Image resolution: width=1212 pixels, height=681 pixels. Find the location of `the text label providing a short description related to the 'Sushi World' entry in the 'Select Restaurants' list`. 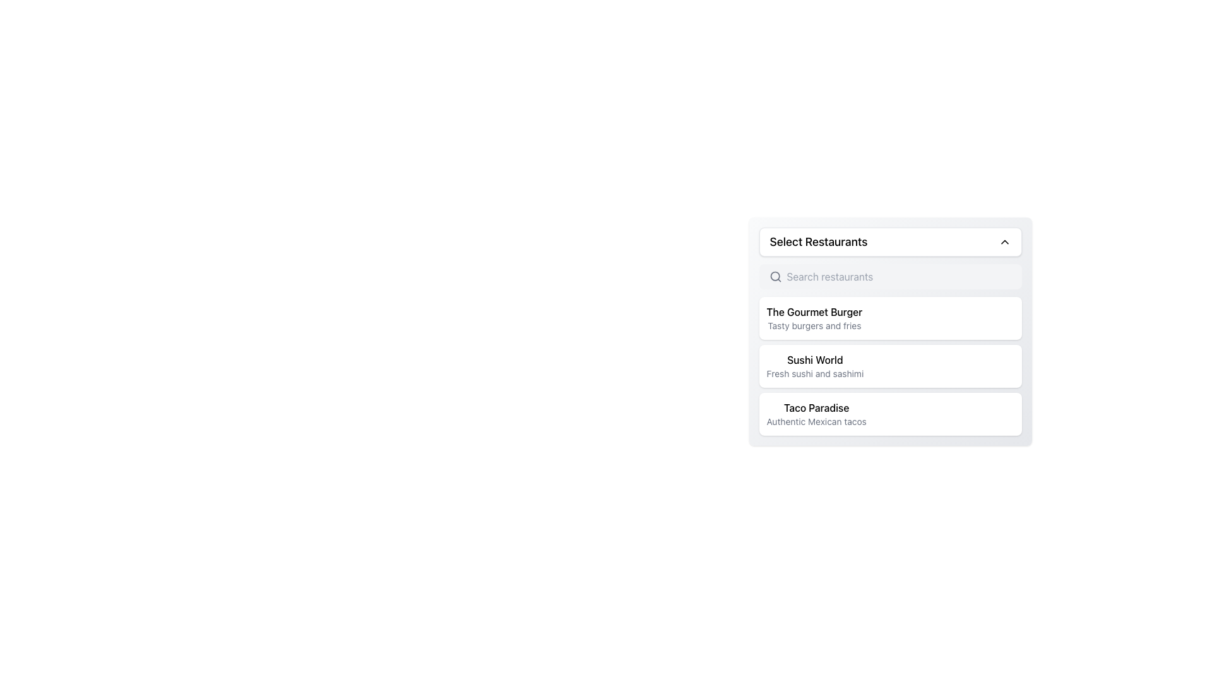

the text label providing a short description related to the 'Sushi World' entry in the 'Select Restaurants' list is located at coordinates (815, 373).